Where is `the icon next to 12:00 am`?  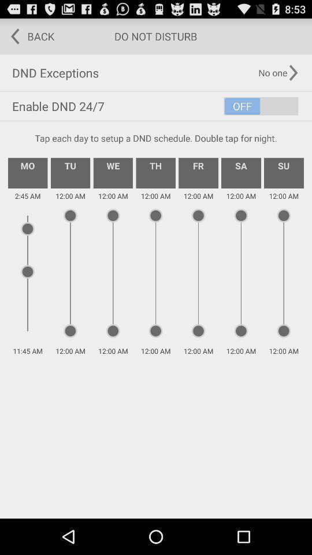 the icon next to 12:00 am is located at coordinates (240, 172).